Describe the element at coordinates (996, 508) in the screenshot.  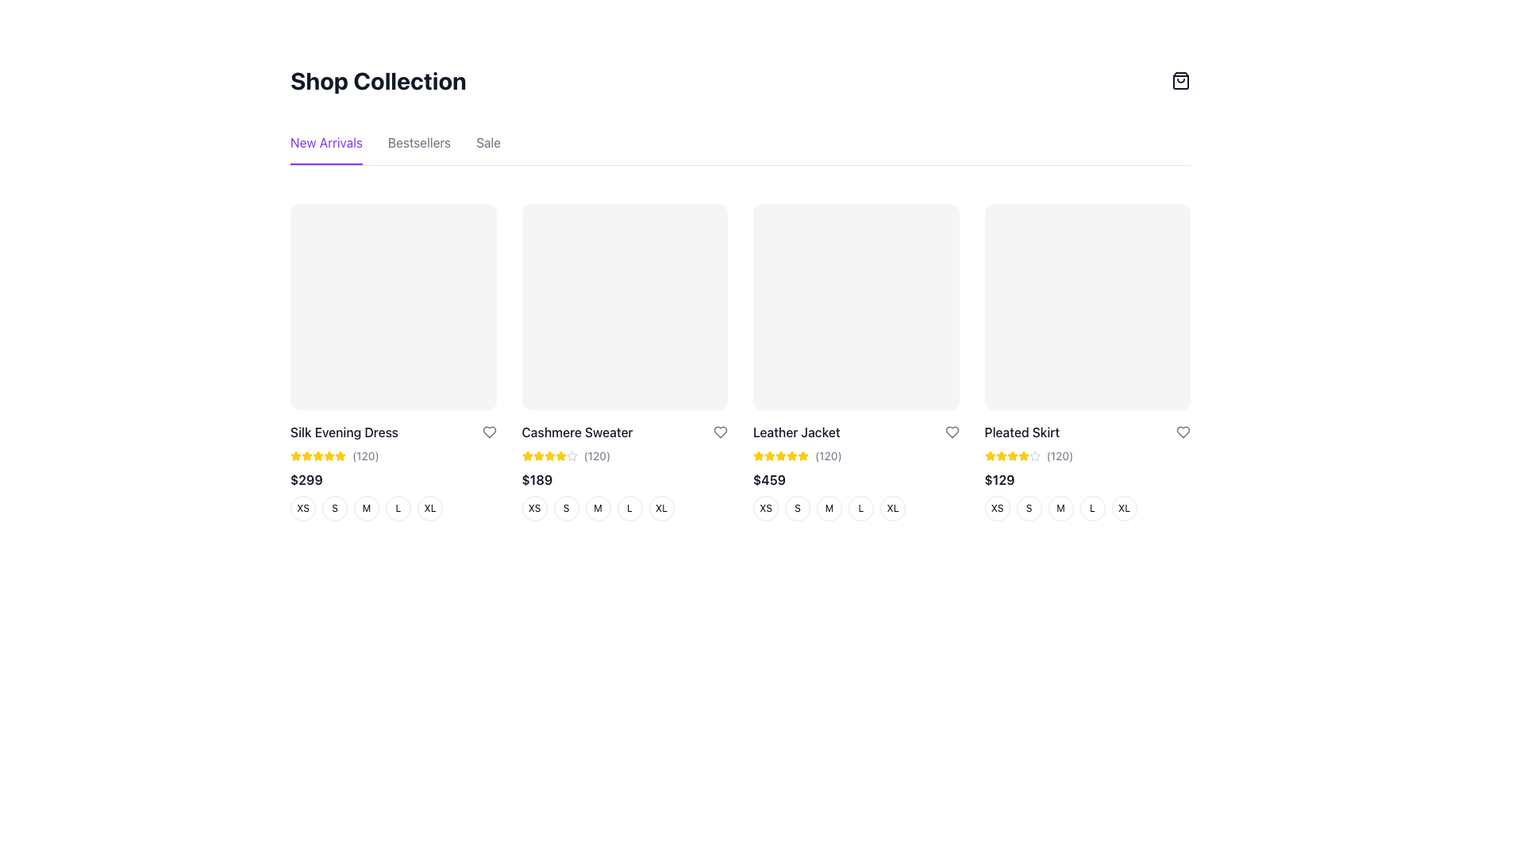
I see `the circular button labeled 'XS' at the bottom of the card for the 'Pleated Skirt' product` at that location.